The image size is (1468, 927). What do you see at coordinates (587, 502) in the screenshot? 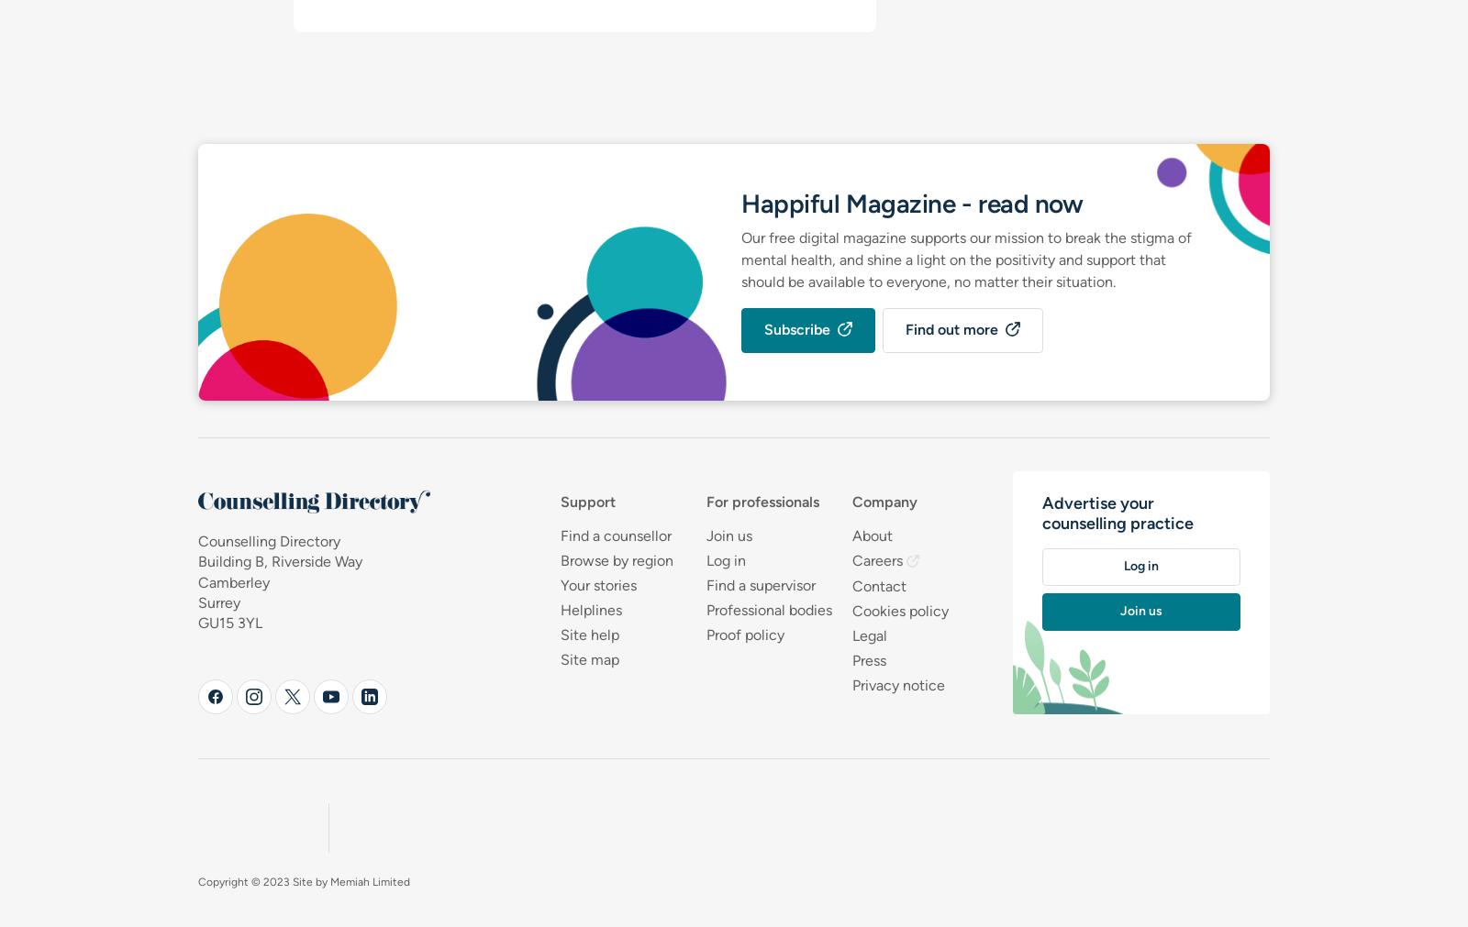
I see `'Support'` at bounding box center [587, 502].